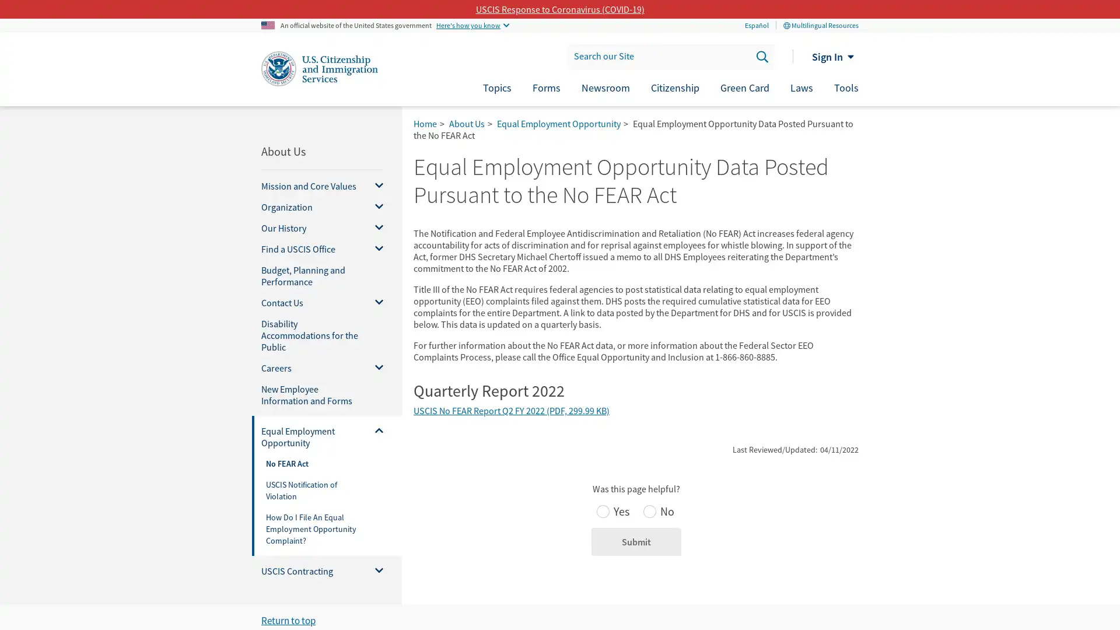  Describe the element at coordinates (374, 206) in the screenshot. I see `Toggle menu for Organization` at that location.